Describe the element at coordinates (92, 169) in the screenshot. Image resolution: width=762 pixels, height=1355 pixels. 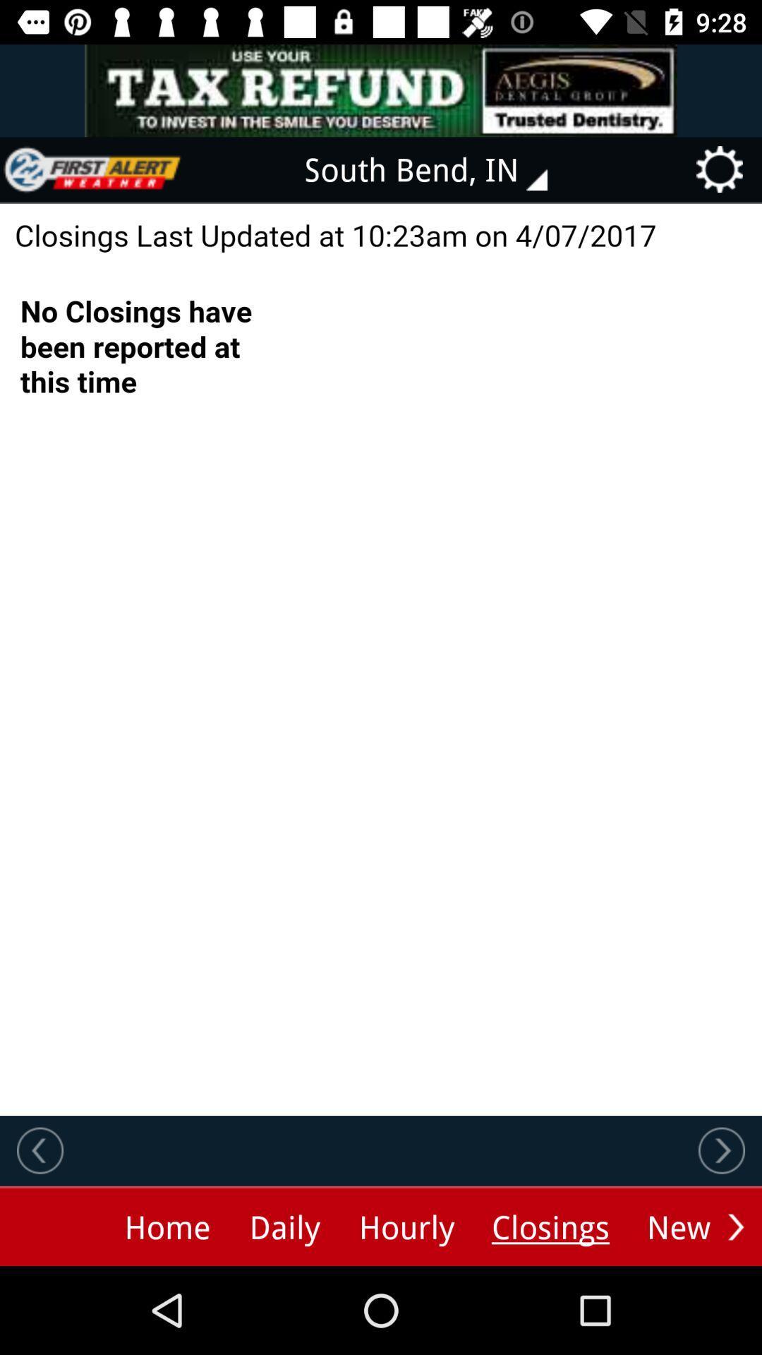
I see `the icon at the top left corner` at that location.